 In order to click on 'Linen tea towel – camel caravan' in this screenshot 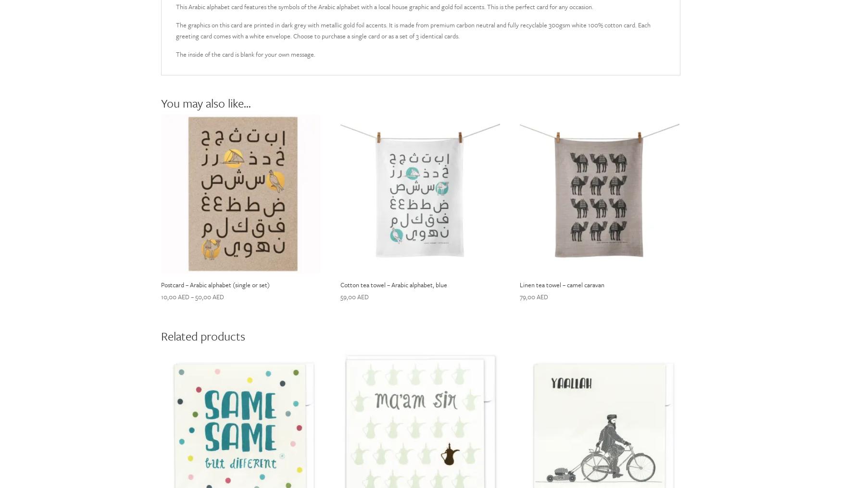, I will do `click(561, 285)`.